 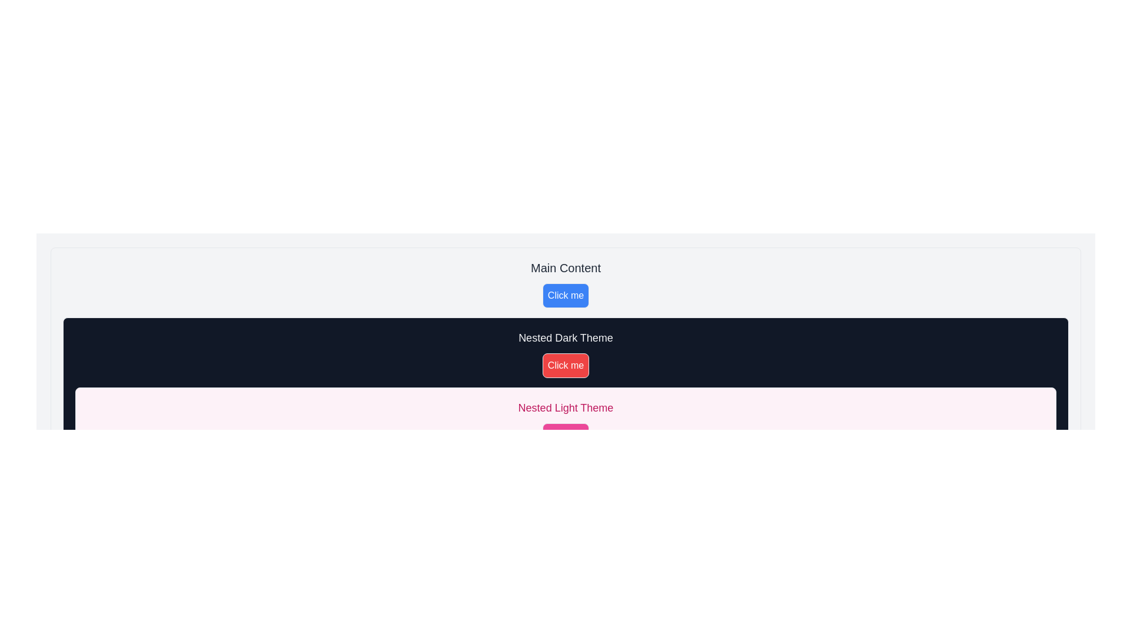 What do you see at coordinates (566, 337) in the screenshot?
I see `text from the title or heading label located at the top of the dark-themed nested section, which is centered horizontally and positioned above the 'Click me' button` at bounding box center [566, 337].